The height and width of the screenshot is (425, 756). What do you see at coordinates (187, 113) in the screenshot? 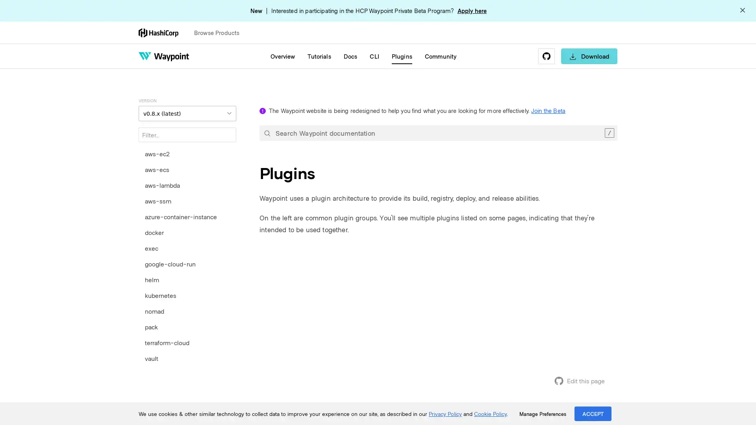
I see `VERSION` at bounding box center [187, 113].